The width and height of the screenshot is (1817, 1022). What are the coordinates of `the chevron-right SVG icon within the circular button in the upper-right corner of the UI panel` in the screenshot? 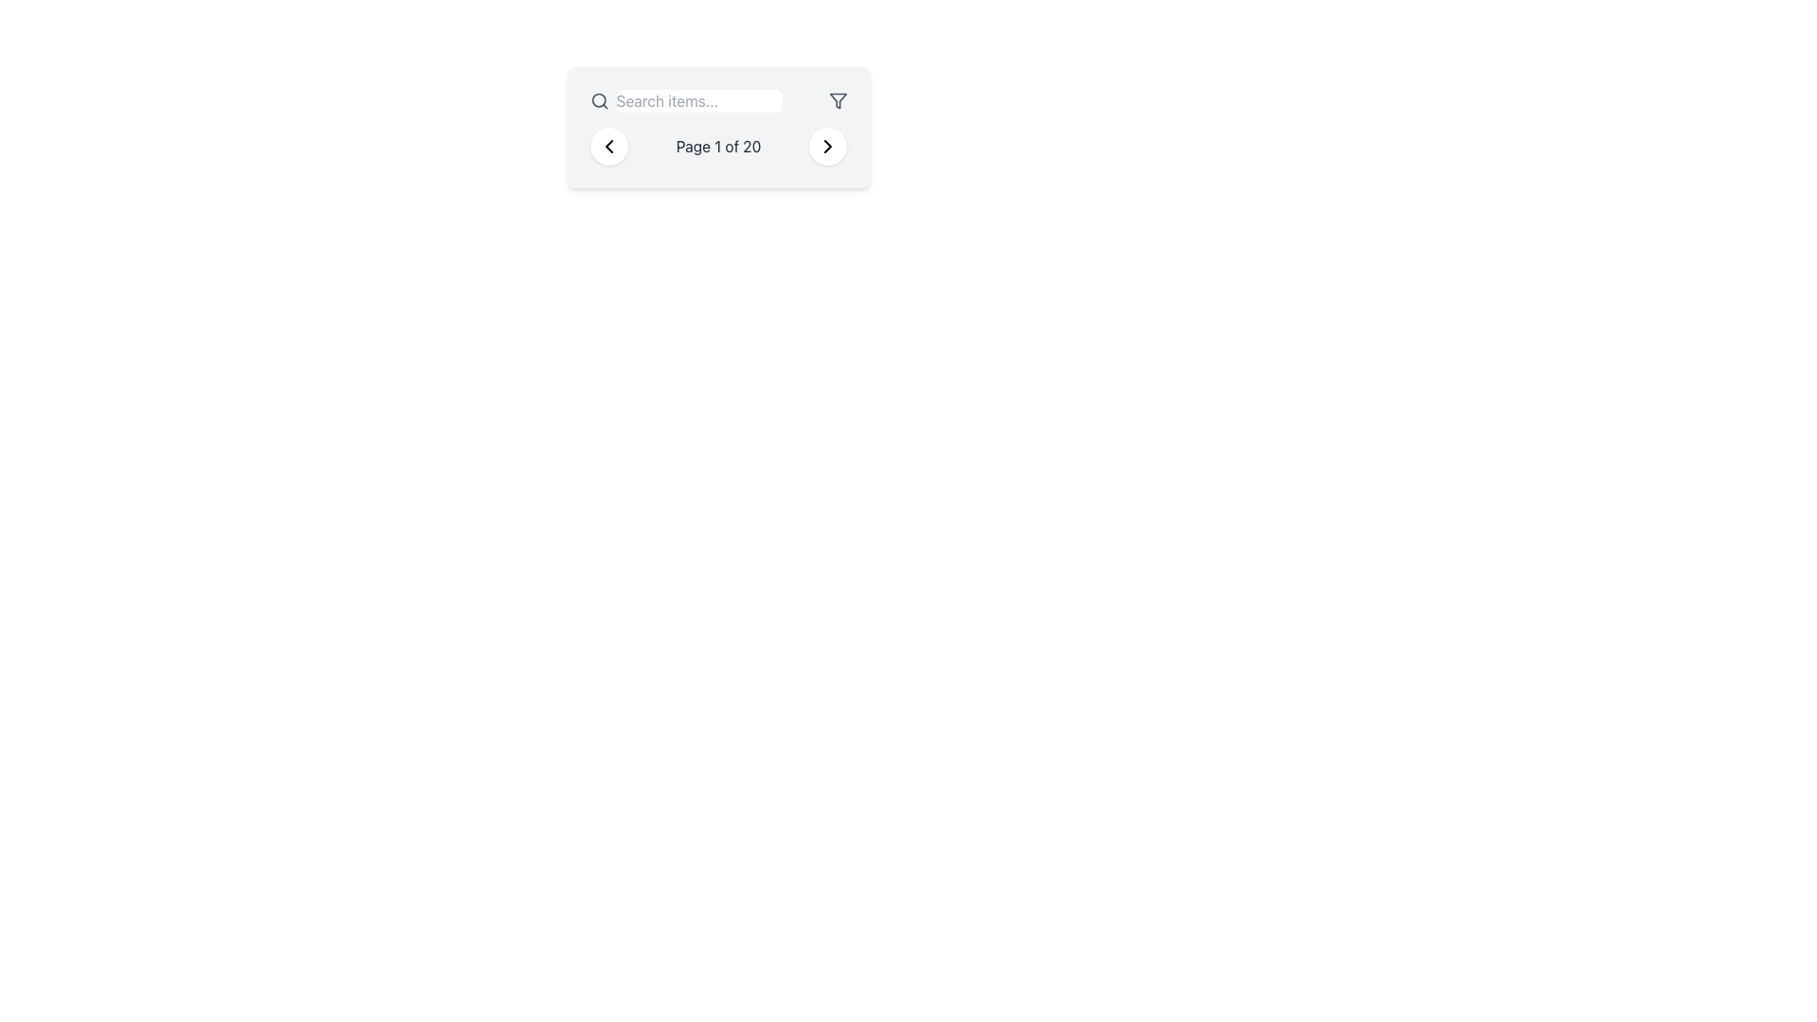 It's located at (828, 145).